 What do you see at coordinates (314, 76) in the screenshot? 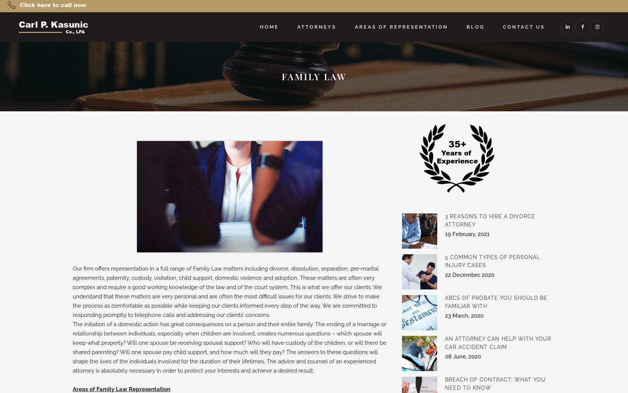
I see `'Family Law'` at bounding box center [314, 76].